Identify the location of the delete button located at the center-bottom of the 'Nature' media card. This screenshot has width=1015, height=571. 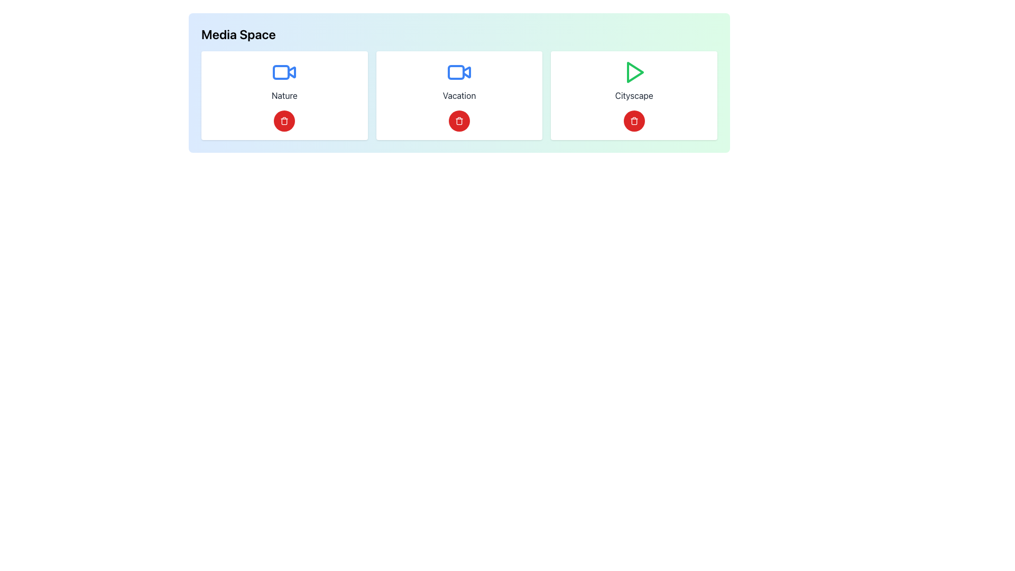
(284, 120).